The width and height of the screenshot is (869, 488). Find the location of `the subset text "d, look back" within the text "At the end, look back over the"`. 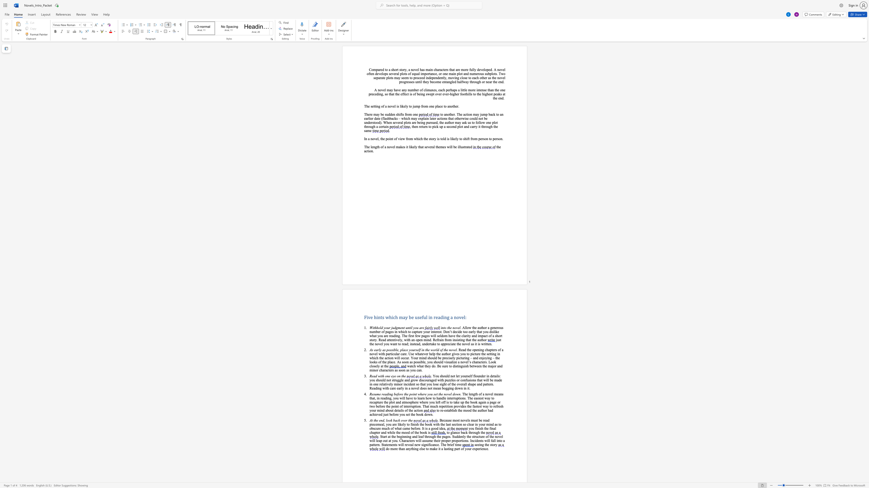

the subset text "d, look back" within the text "At the end, look back over the" is located at coordinates (382, 420).